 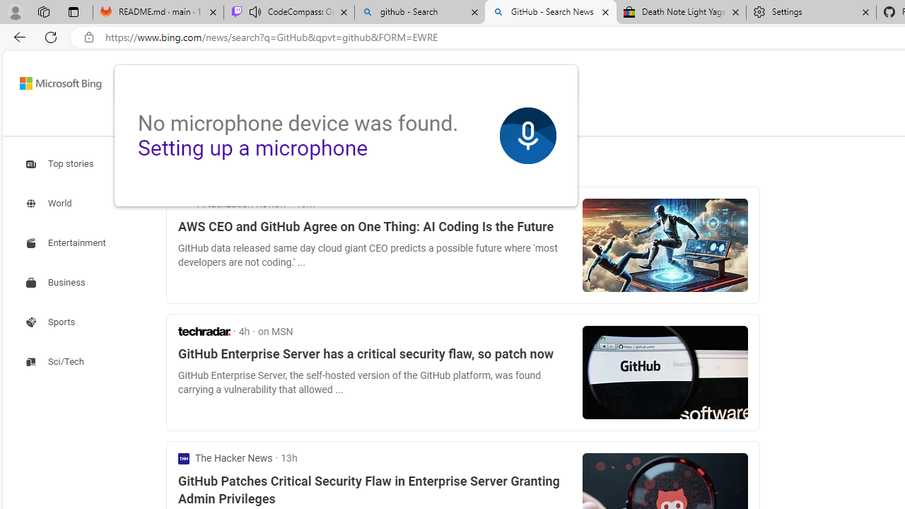 What do you see at coordinates (88, 37) in the screenshot?
I see `'View site information'` at bounding box center [88, 37].